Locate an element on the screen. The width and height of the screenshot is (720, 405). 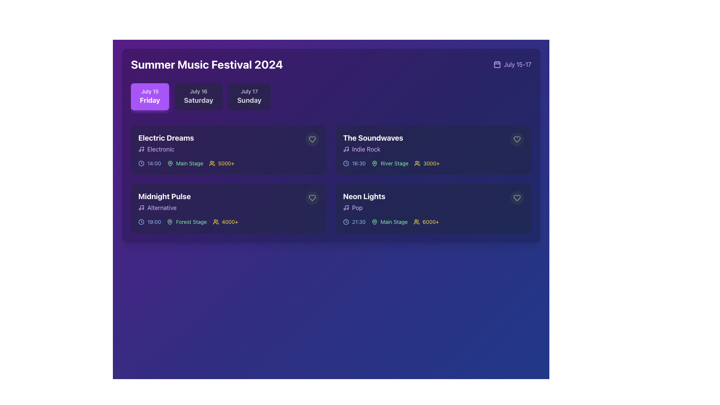
the 'Neon Lights' text label which displays the name and genre of the music performance, located in the bottom-right card of a grid layout is located at coordinates (364, 201).